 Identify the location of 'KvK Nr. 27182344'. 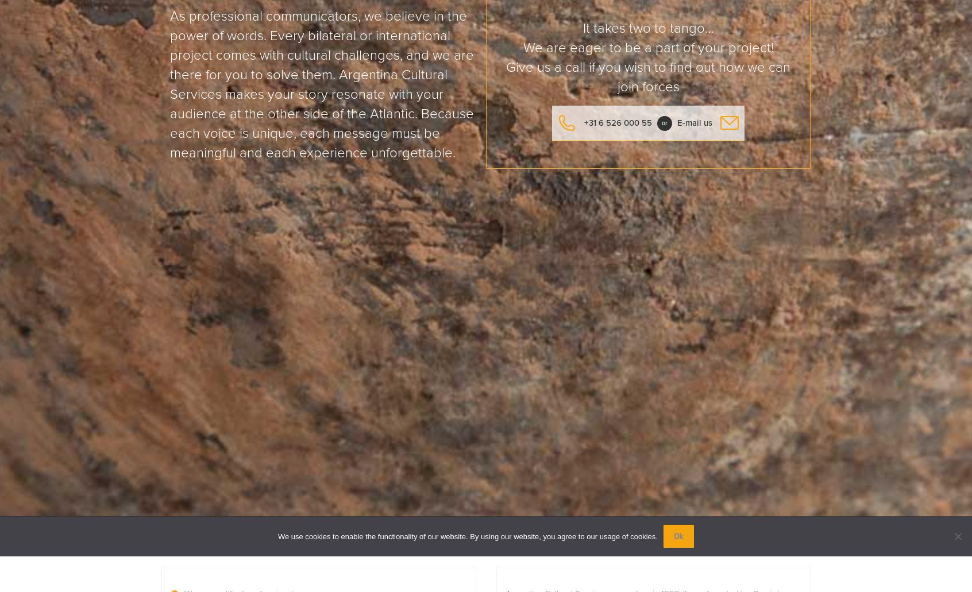
(421, 372).